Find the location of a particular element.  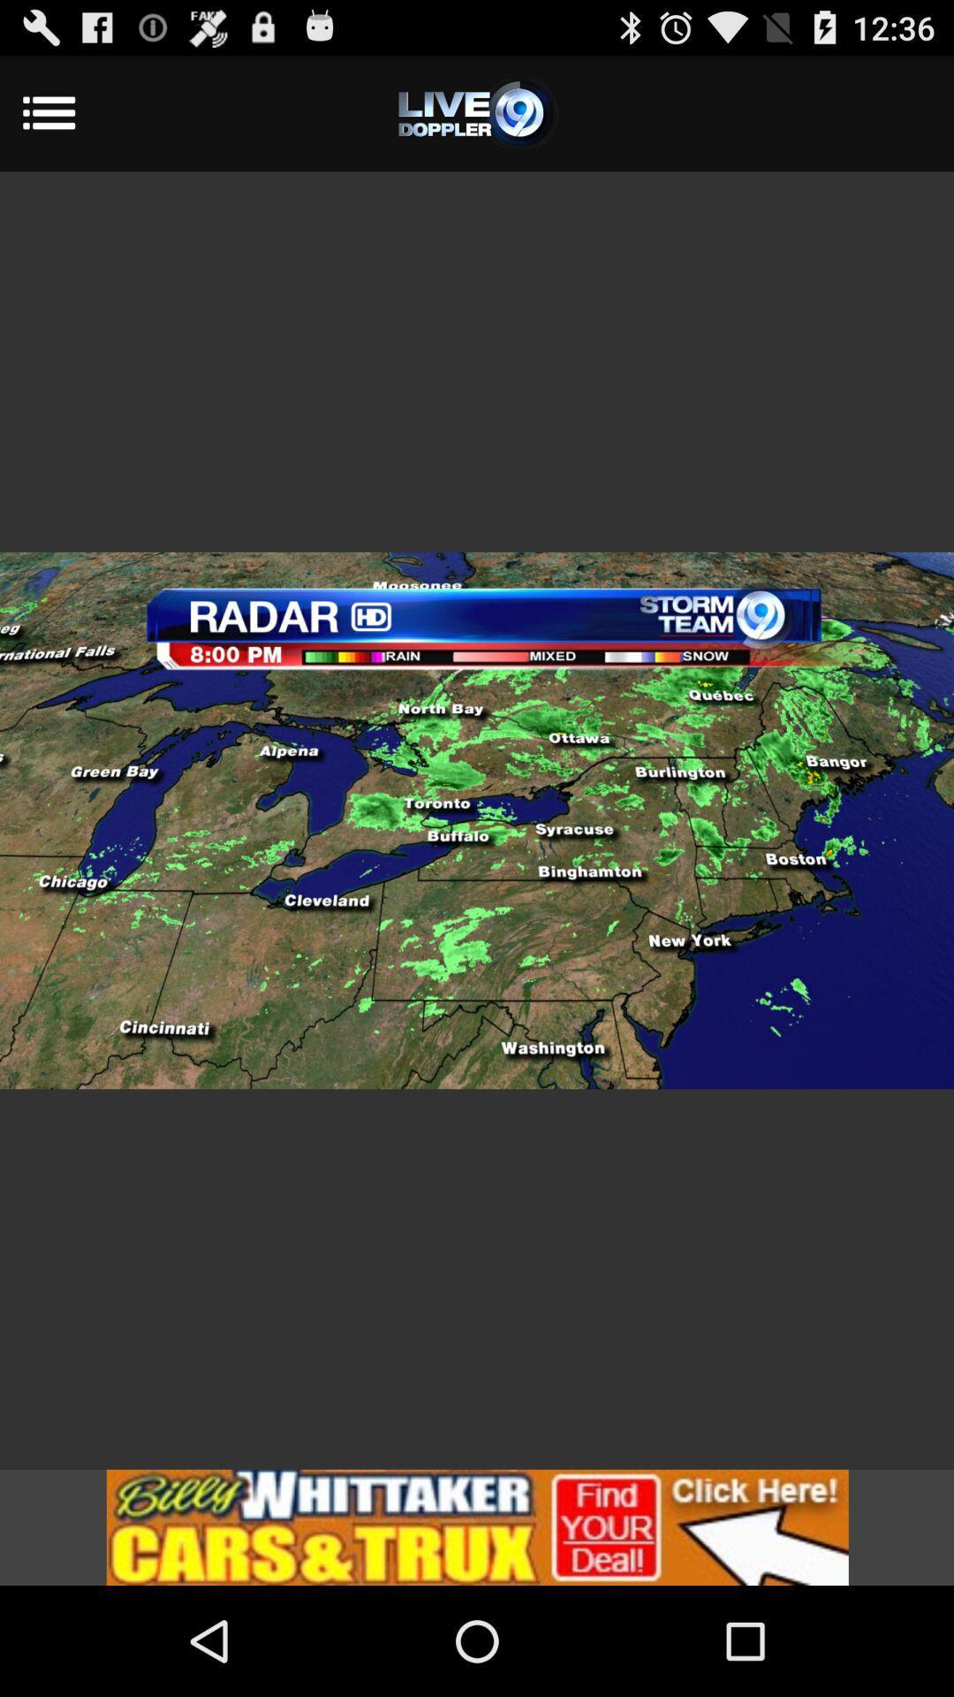

the settings of live doppler 9 is located at coordinates (477, 112).